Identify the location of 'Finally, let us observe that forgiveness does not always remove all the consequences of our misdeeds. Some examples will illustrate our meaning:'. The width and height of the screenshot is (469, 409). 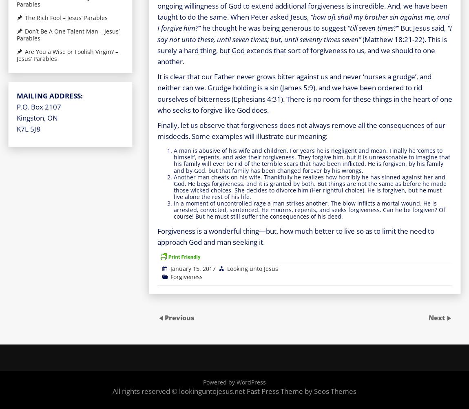
(301, 130).